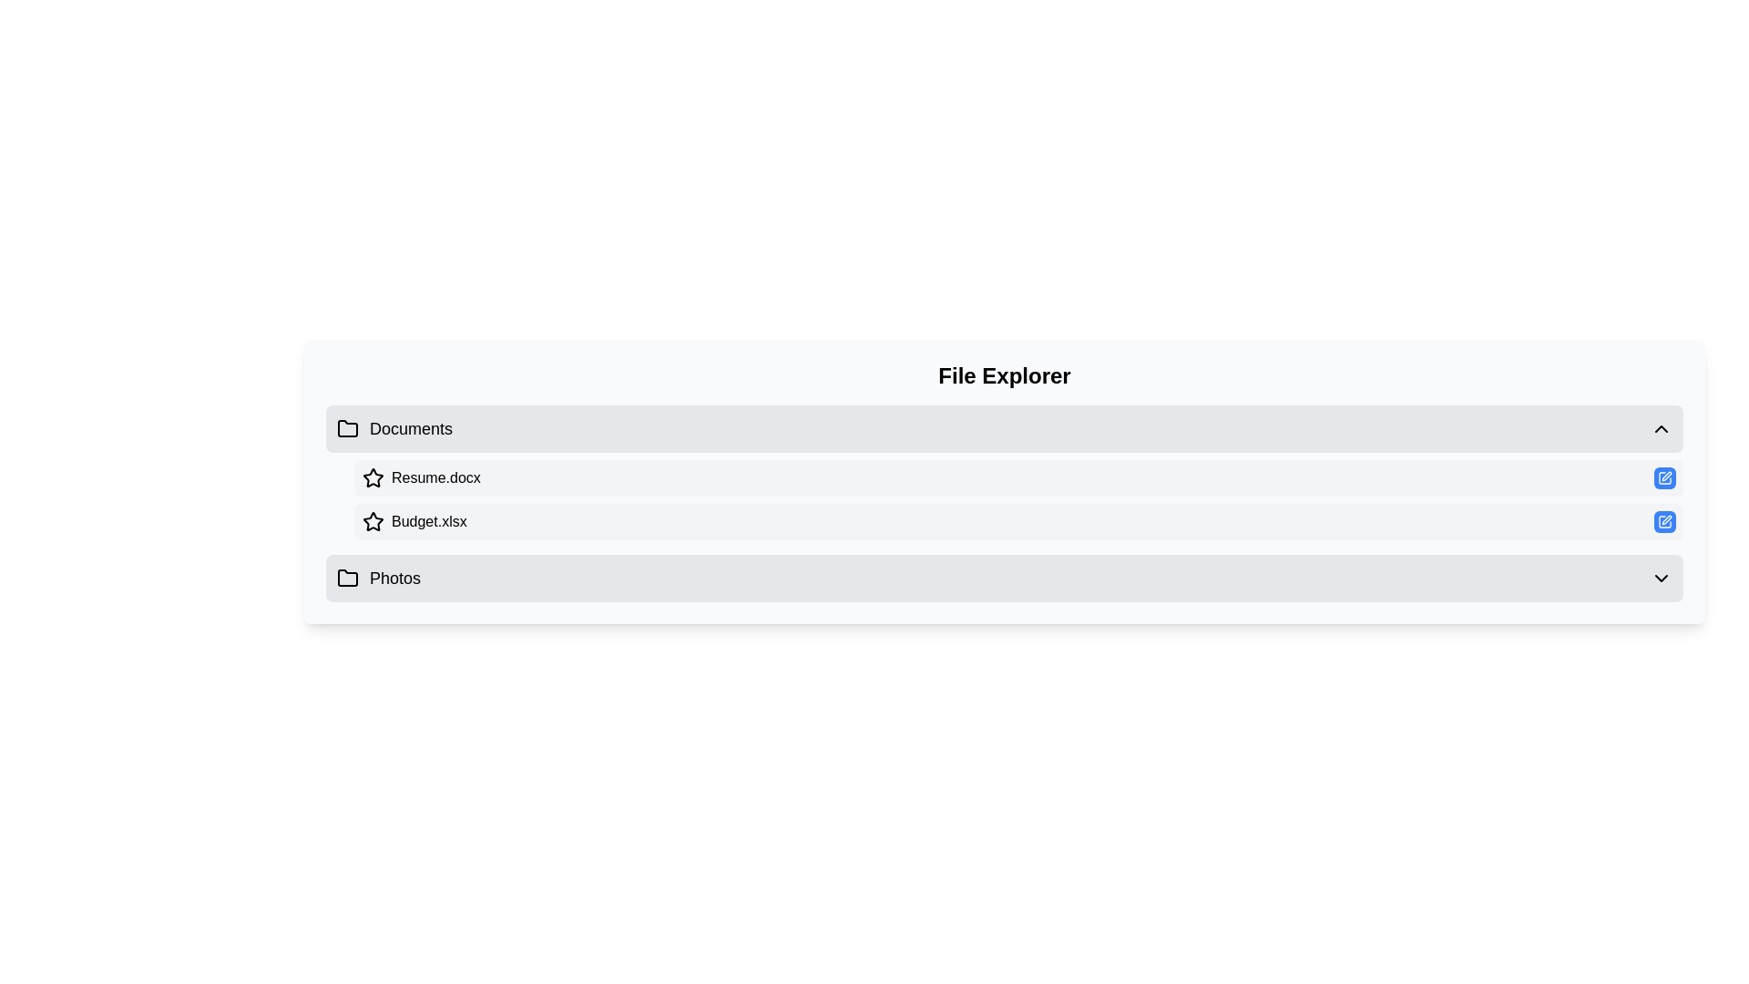  What do you see at coordinates (1666, 519) in the screenshot?
I see `the edit or pen icon located on the far right of the second row in the file explorer interface, which features a diagonal pen line overlaying a square background` at bounding box center [1666, 519].